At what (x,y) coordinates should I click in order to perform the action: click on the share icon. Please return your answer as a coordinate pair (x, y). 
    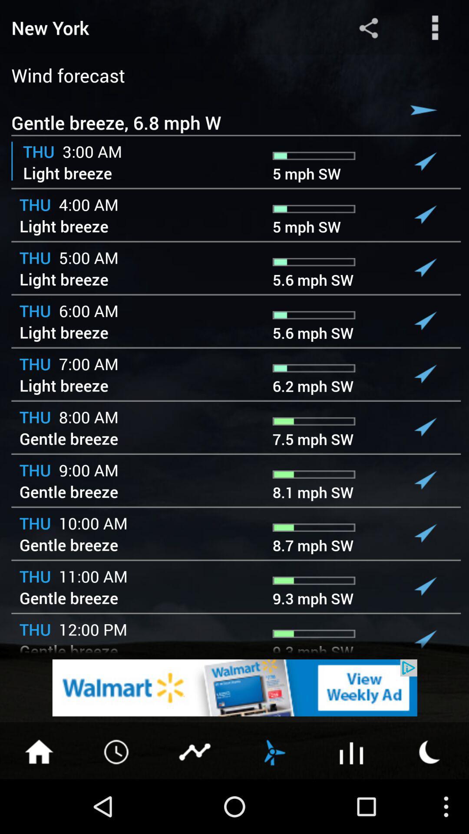
    Looking at the image, I should click on (368, 30).